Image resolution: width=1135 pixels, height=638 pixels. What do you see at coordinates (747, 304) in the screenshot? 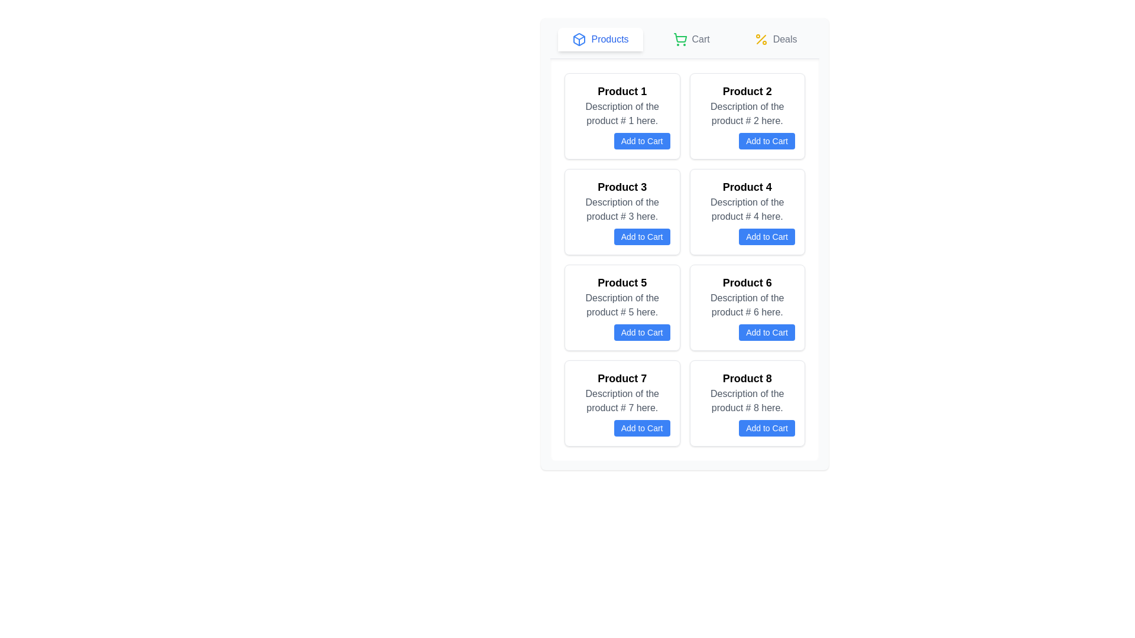
I see `the static text element displaying 'Description of the product # 6 here.' which is located beneath the title 'Product 6' and above the 'Add to Cart' button in the sixth card of a 4x2 grid layout` at bounding box center [747, 304].